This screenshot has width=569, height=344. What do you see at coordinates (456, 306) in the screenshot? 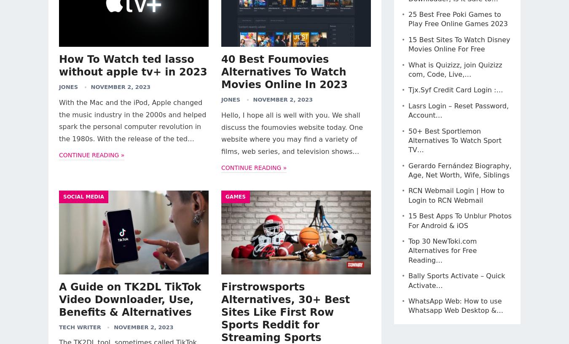
I see `'WhatsApp Web: How to use Whatsapp Web Desktop &…'` at bounding box center [456, 306].